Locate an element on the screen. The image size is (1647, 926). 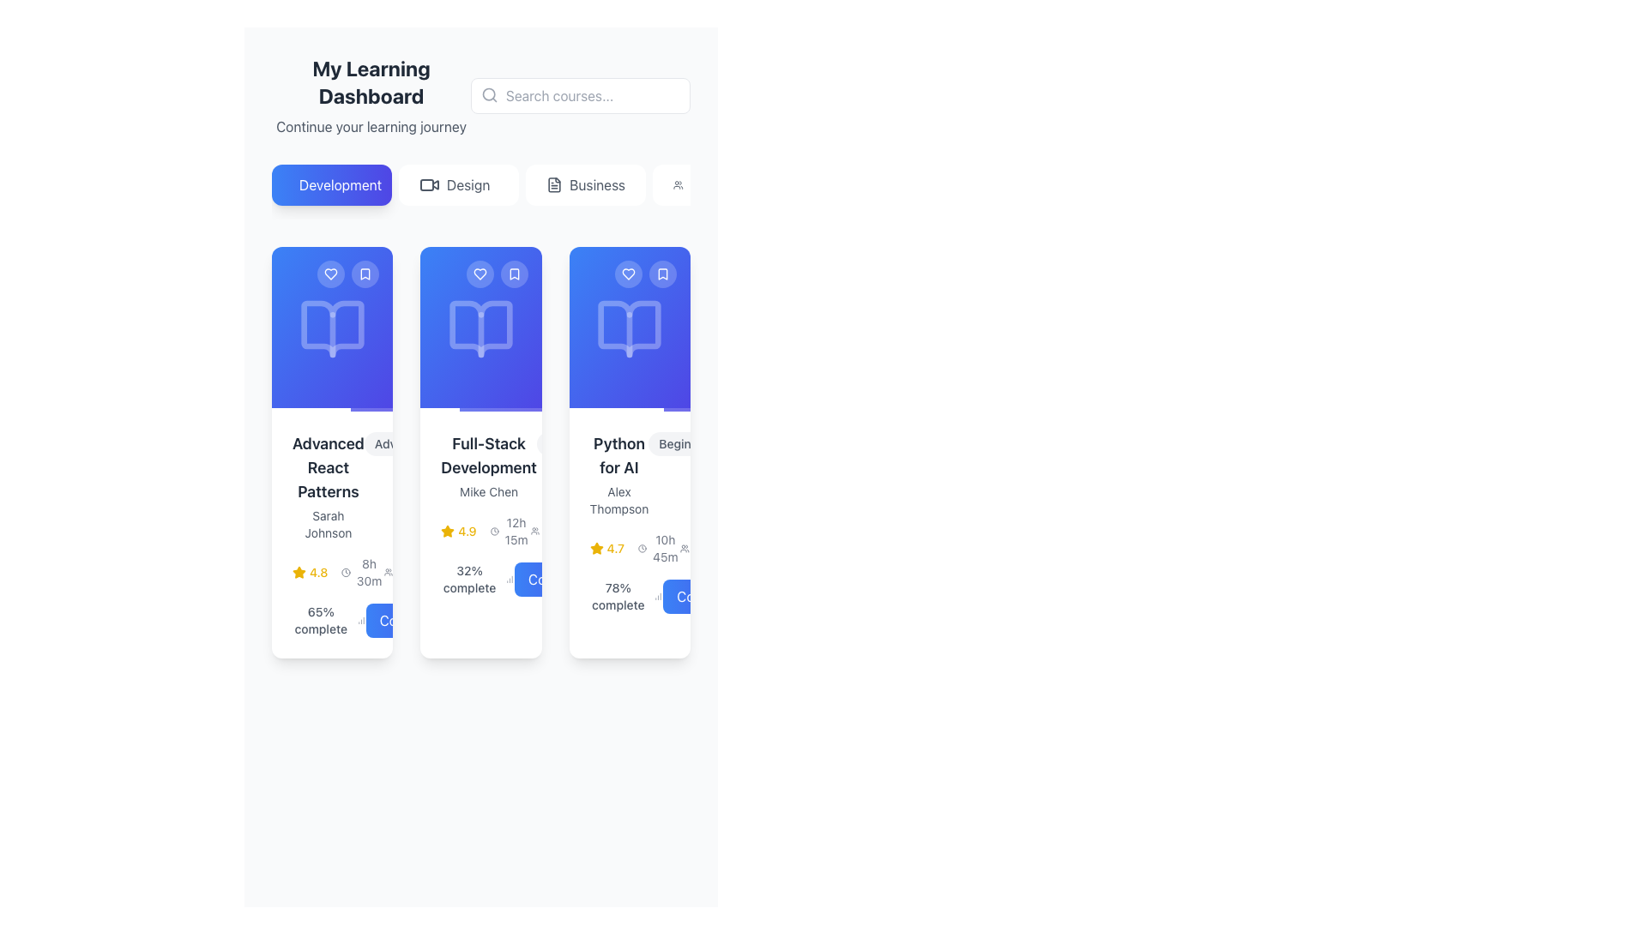
the 'Development' text label within the button is located at coordinates (341, 185).